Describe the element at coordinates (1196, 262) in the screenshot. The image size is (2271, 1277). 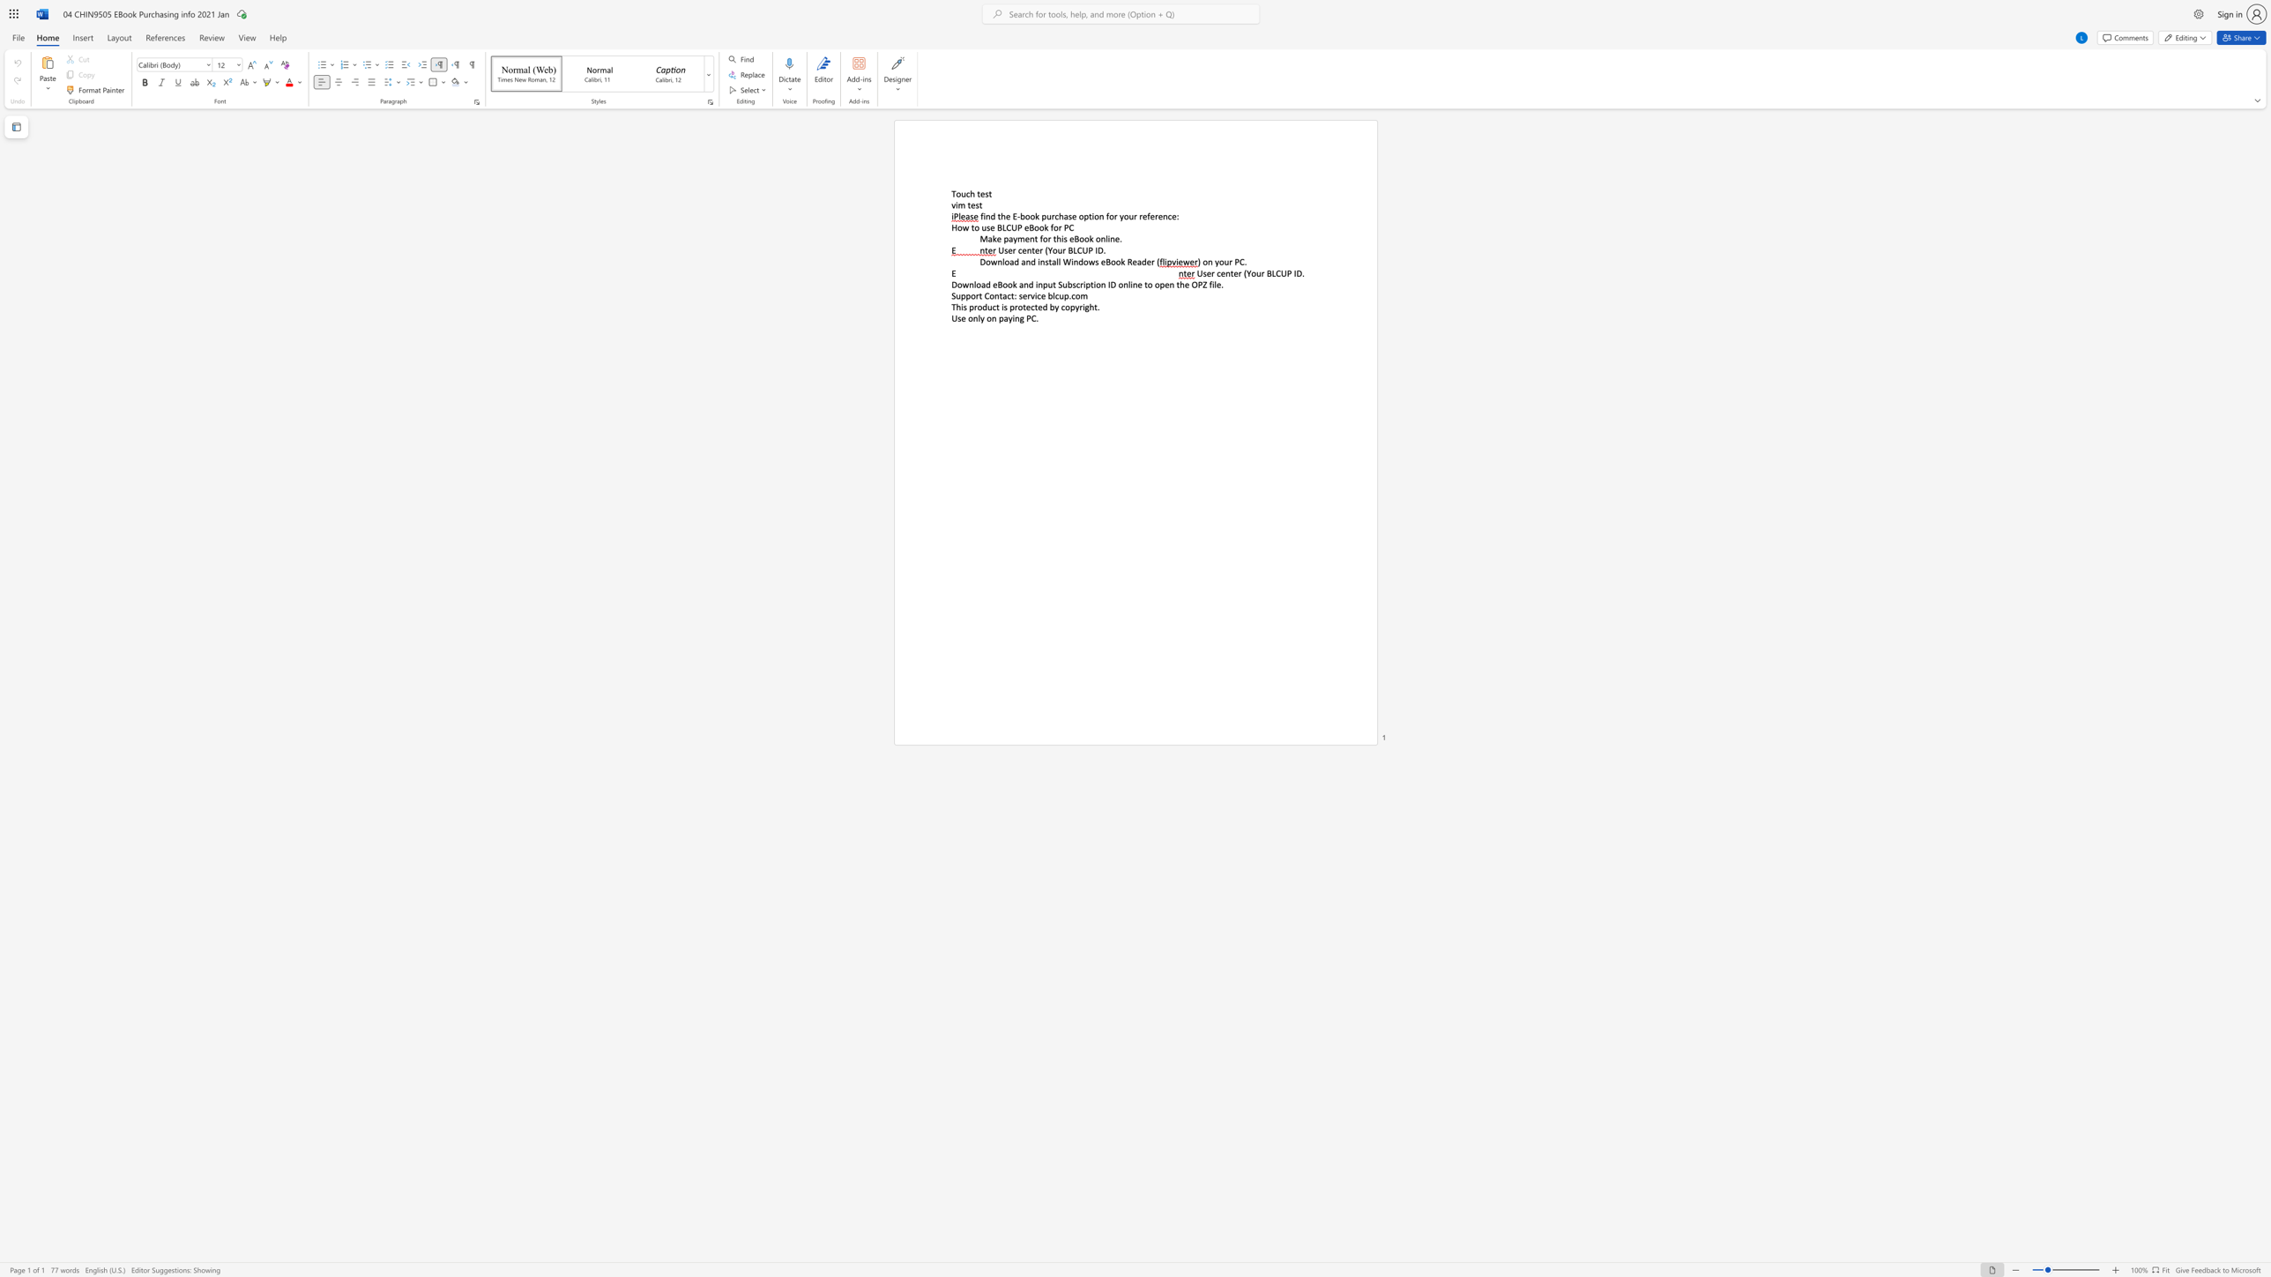
I see `the subset text ") on y" within the text ") on your PC."` at that location.